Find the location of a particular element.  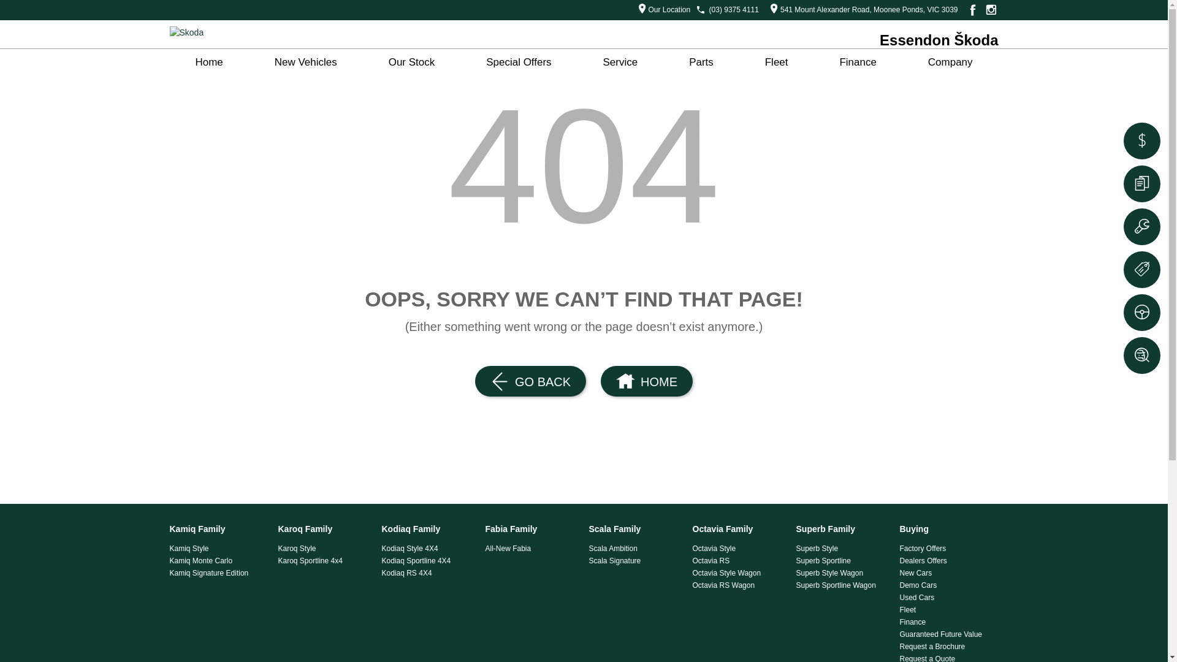

'Dealers Offers' is located at coordinates (946, 560).